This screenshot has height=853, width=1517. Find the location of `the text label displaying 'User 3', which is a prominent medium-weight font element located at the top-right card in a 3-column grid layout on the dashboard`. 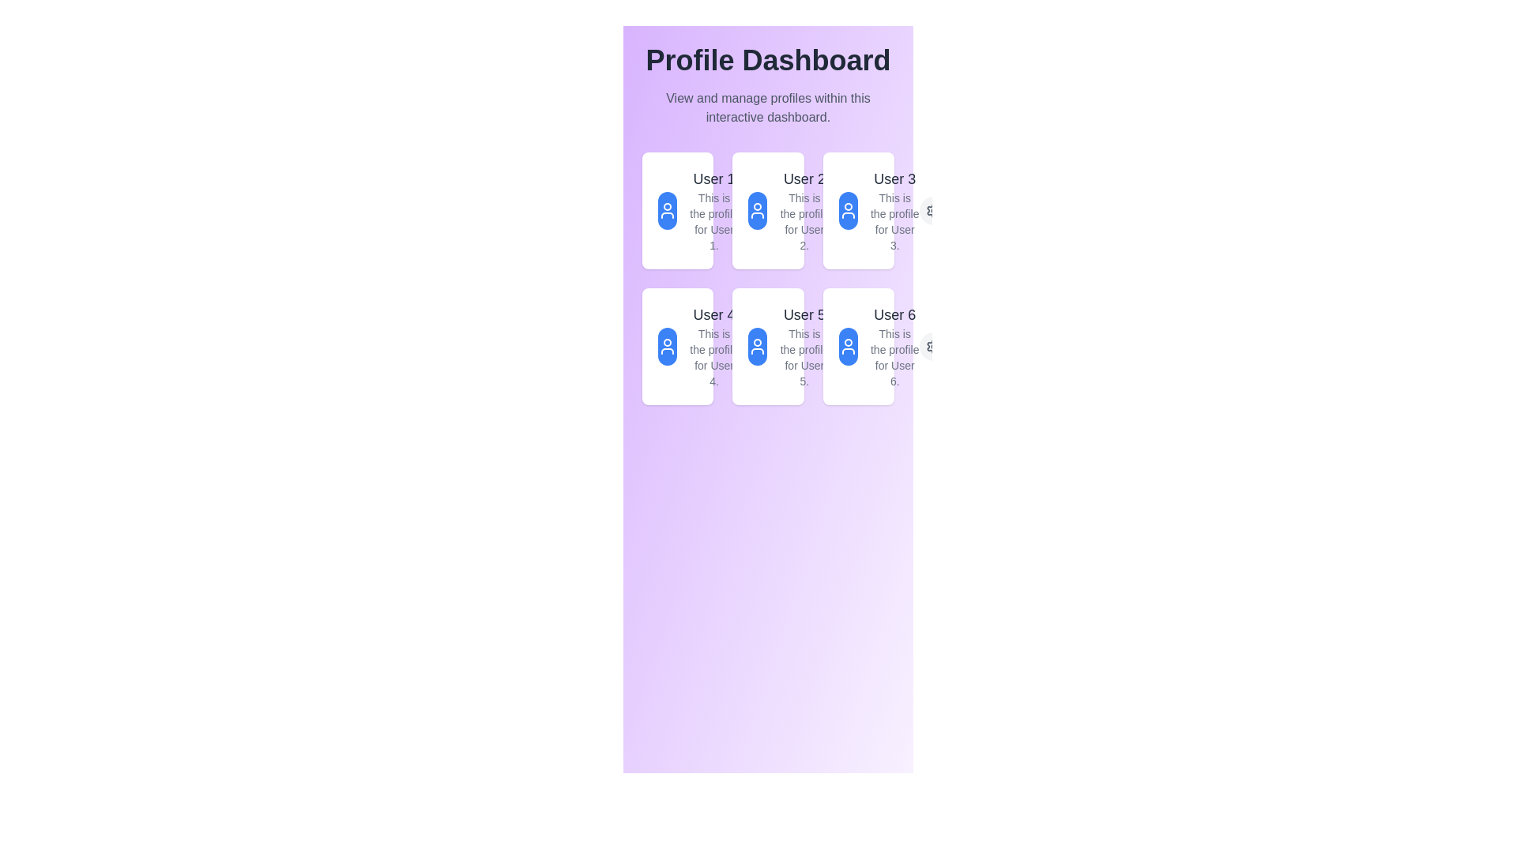

the text label displaying 'User 3', which is a prominent medium-weight font element located at the top-right card in a 3-column grid layout on the dashboard is located at coordinates (894, 178).